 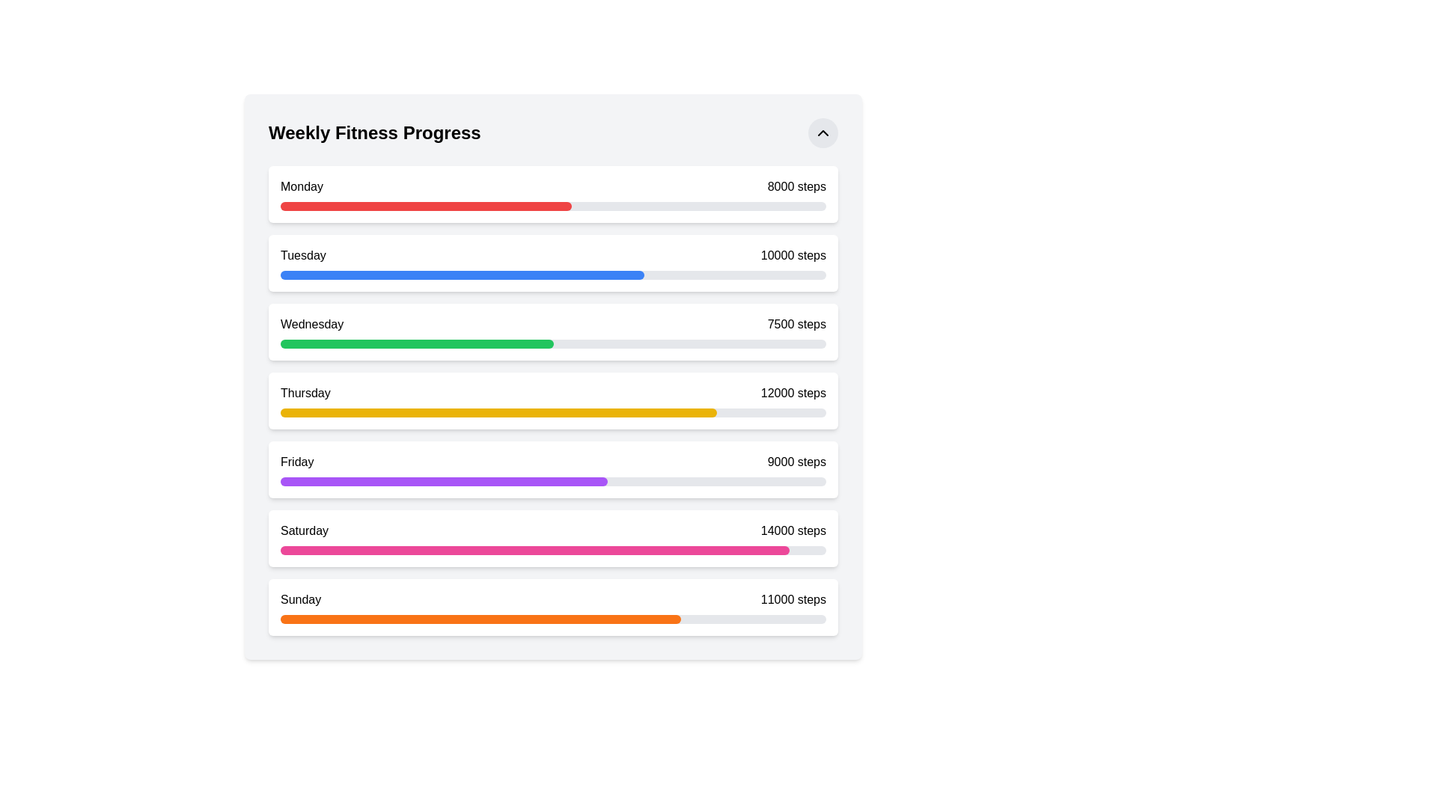 I want to click on the text label that shows the number of steps taken on Monday, which is aligned to the right side of the horizontal progress bar for that day, so click(x=796, y=186).